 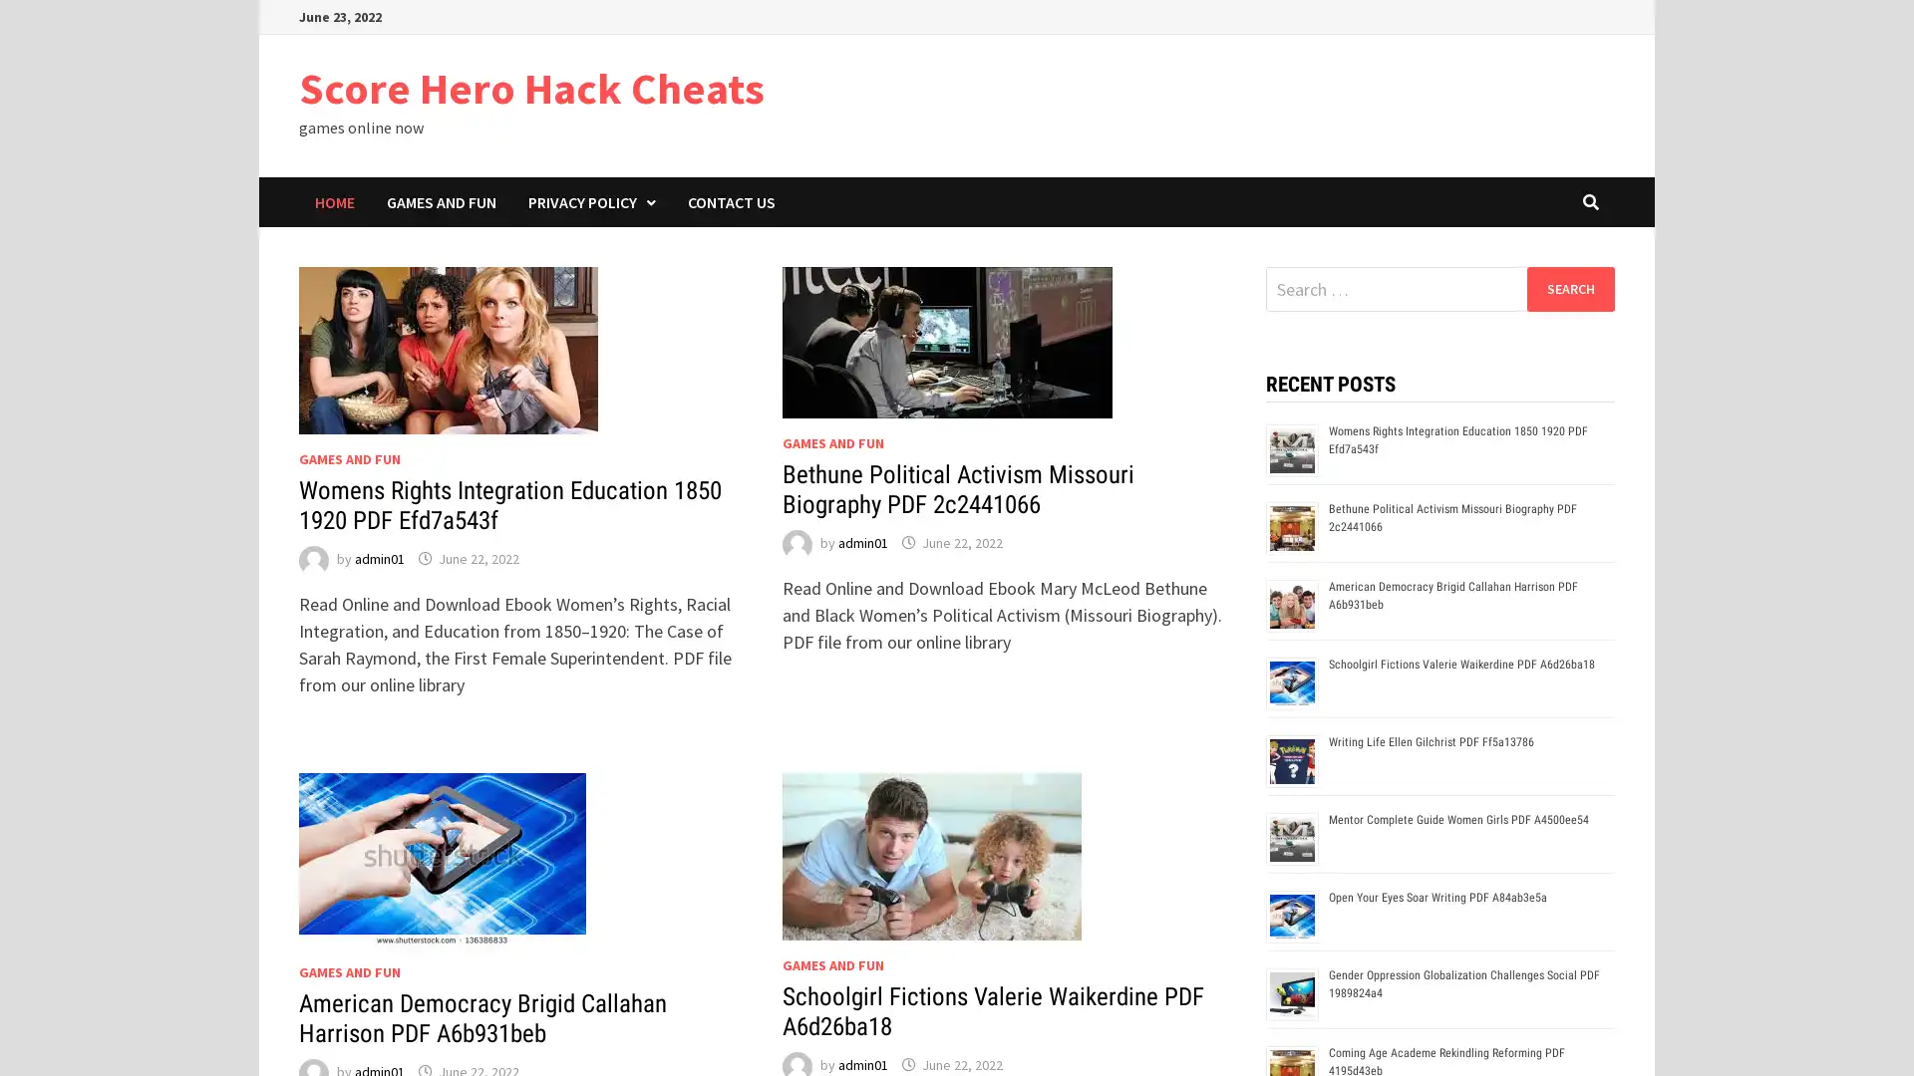 What do you see at coordinates (1569, 288) in the screenshot?
I see `Search` at bounding box center [1569, 288].